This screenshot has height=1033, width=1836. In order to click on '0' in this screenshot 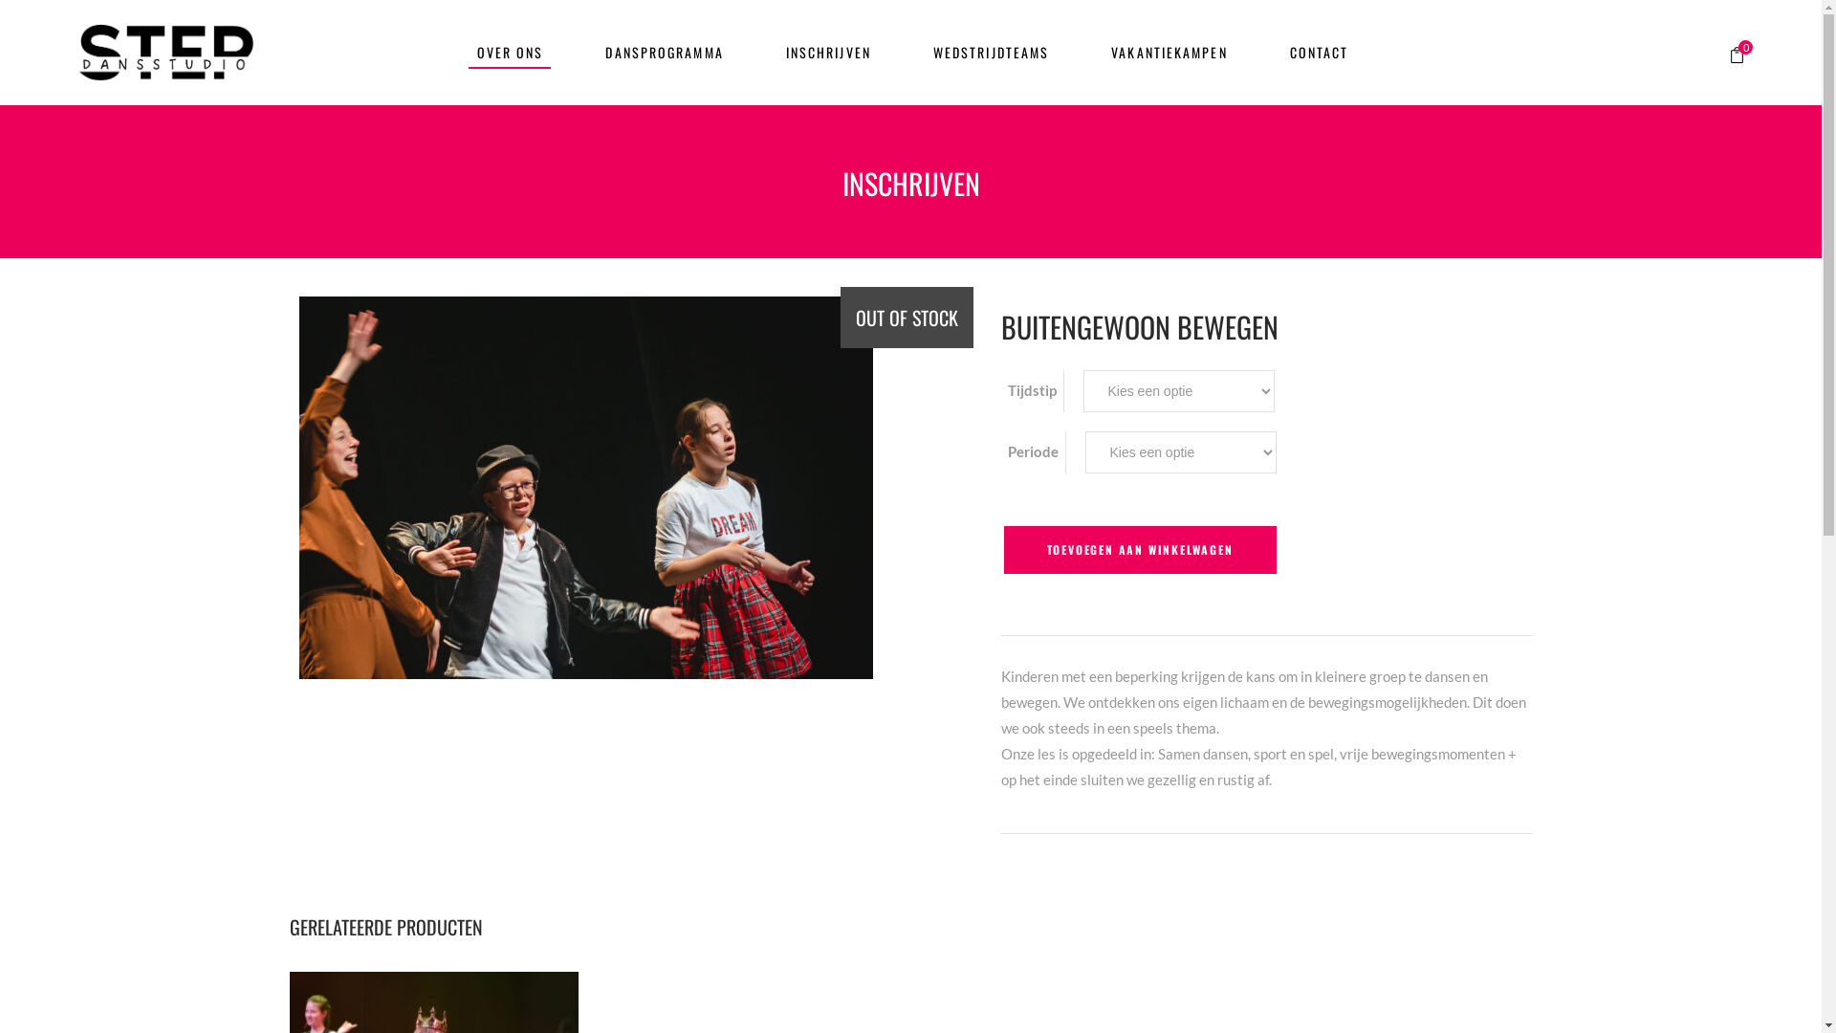, I will do `click(1729, 51)`.